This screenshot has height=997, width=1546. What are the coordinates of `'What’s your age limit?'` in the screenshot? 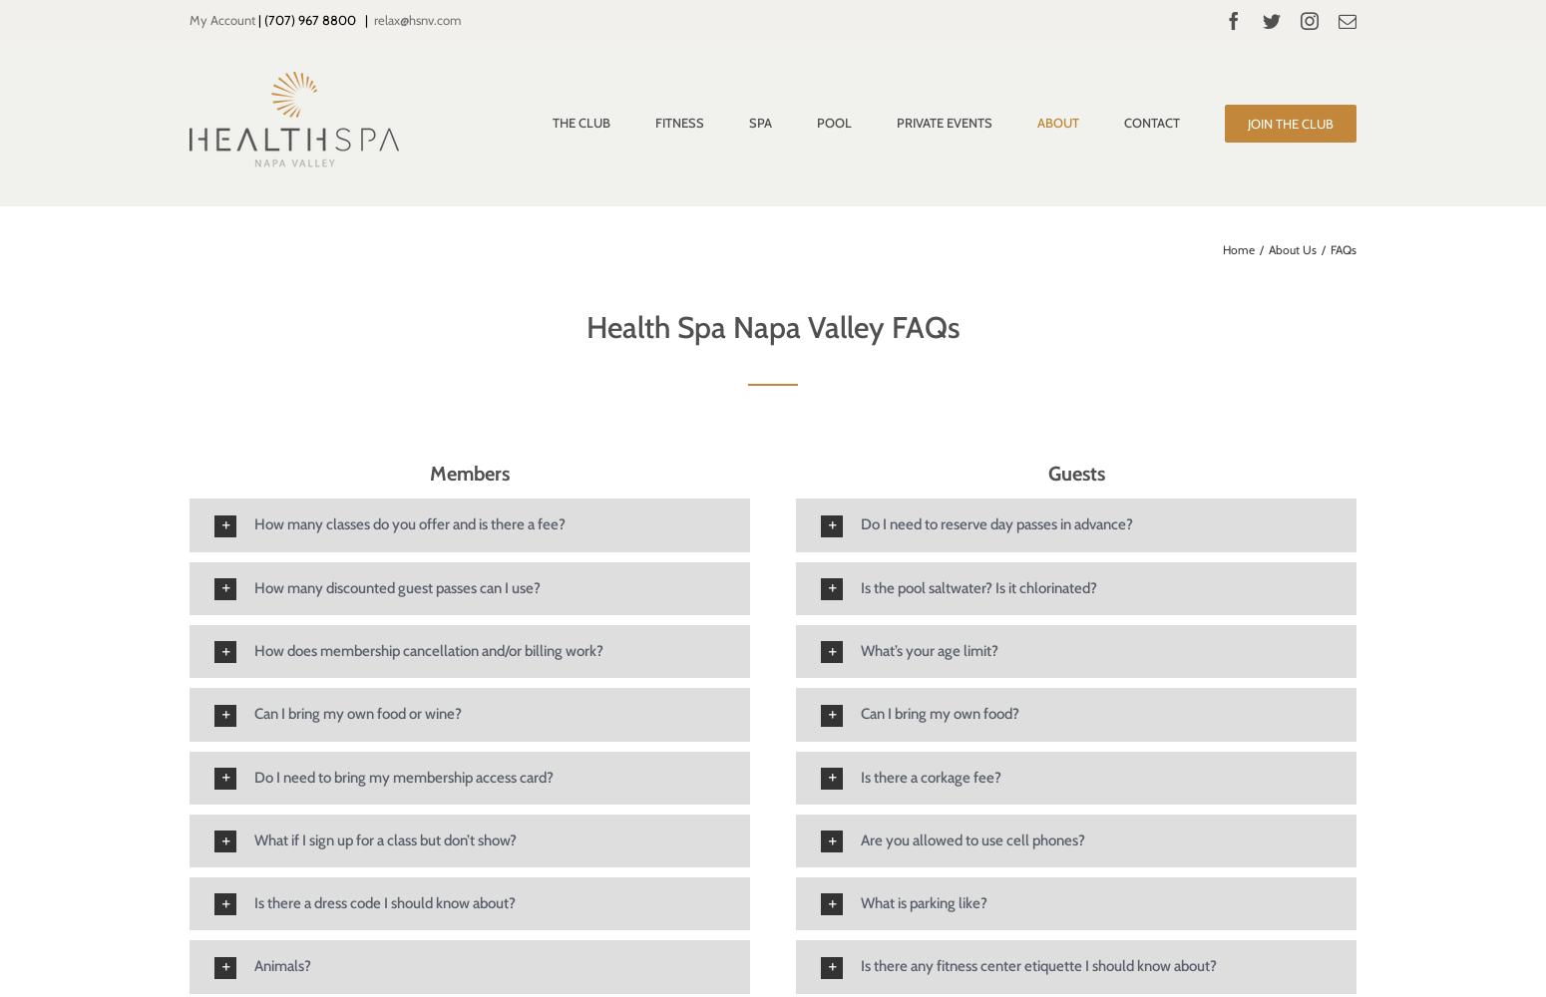 It's located at (861, 650).